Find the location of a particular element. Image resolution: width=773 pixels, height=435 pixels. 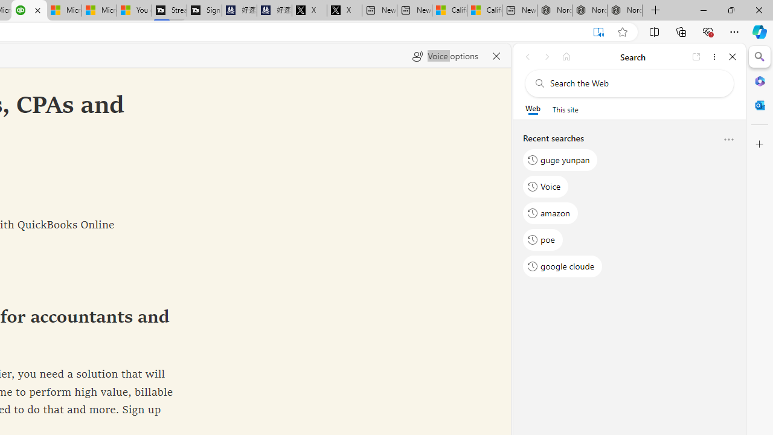

'Nordace - Best Sellers' is located at coordinates (554, 10).